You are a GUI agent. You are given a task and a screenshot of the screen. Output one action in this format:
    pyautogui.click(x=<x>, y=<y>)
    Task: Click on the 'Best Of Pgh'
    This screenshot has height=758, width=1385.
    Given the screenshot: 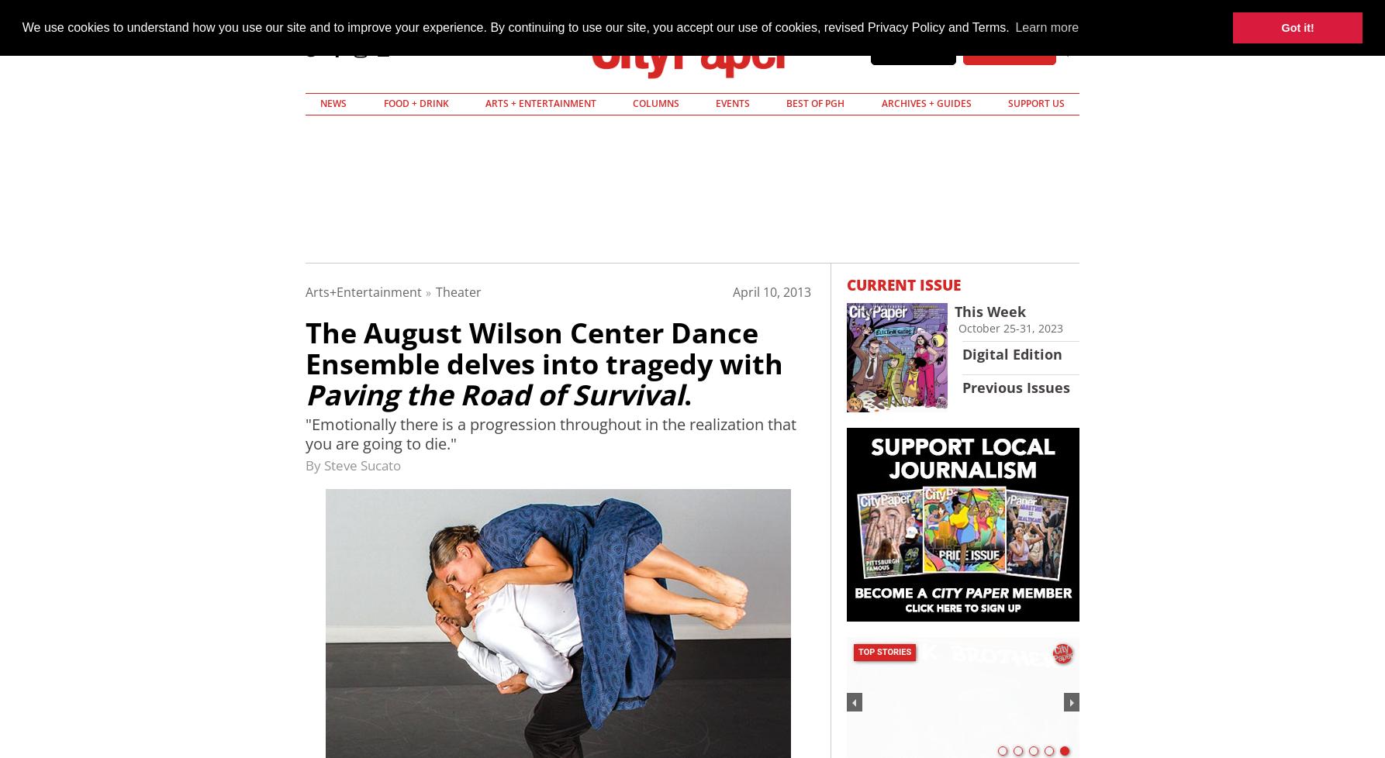 What is the action you would take?
    pyautogui.click(x=814, y=103)
    